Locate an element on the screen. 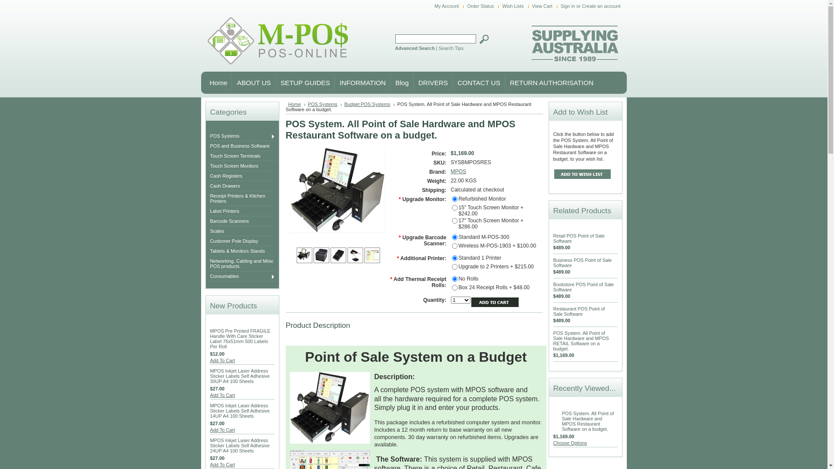 The width and height of the screenshot is (834, 469). 'Order Status' is located at coordinates (481, 6).